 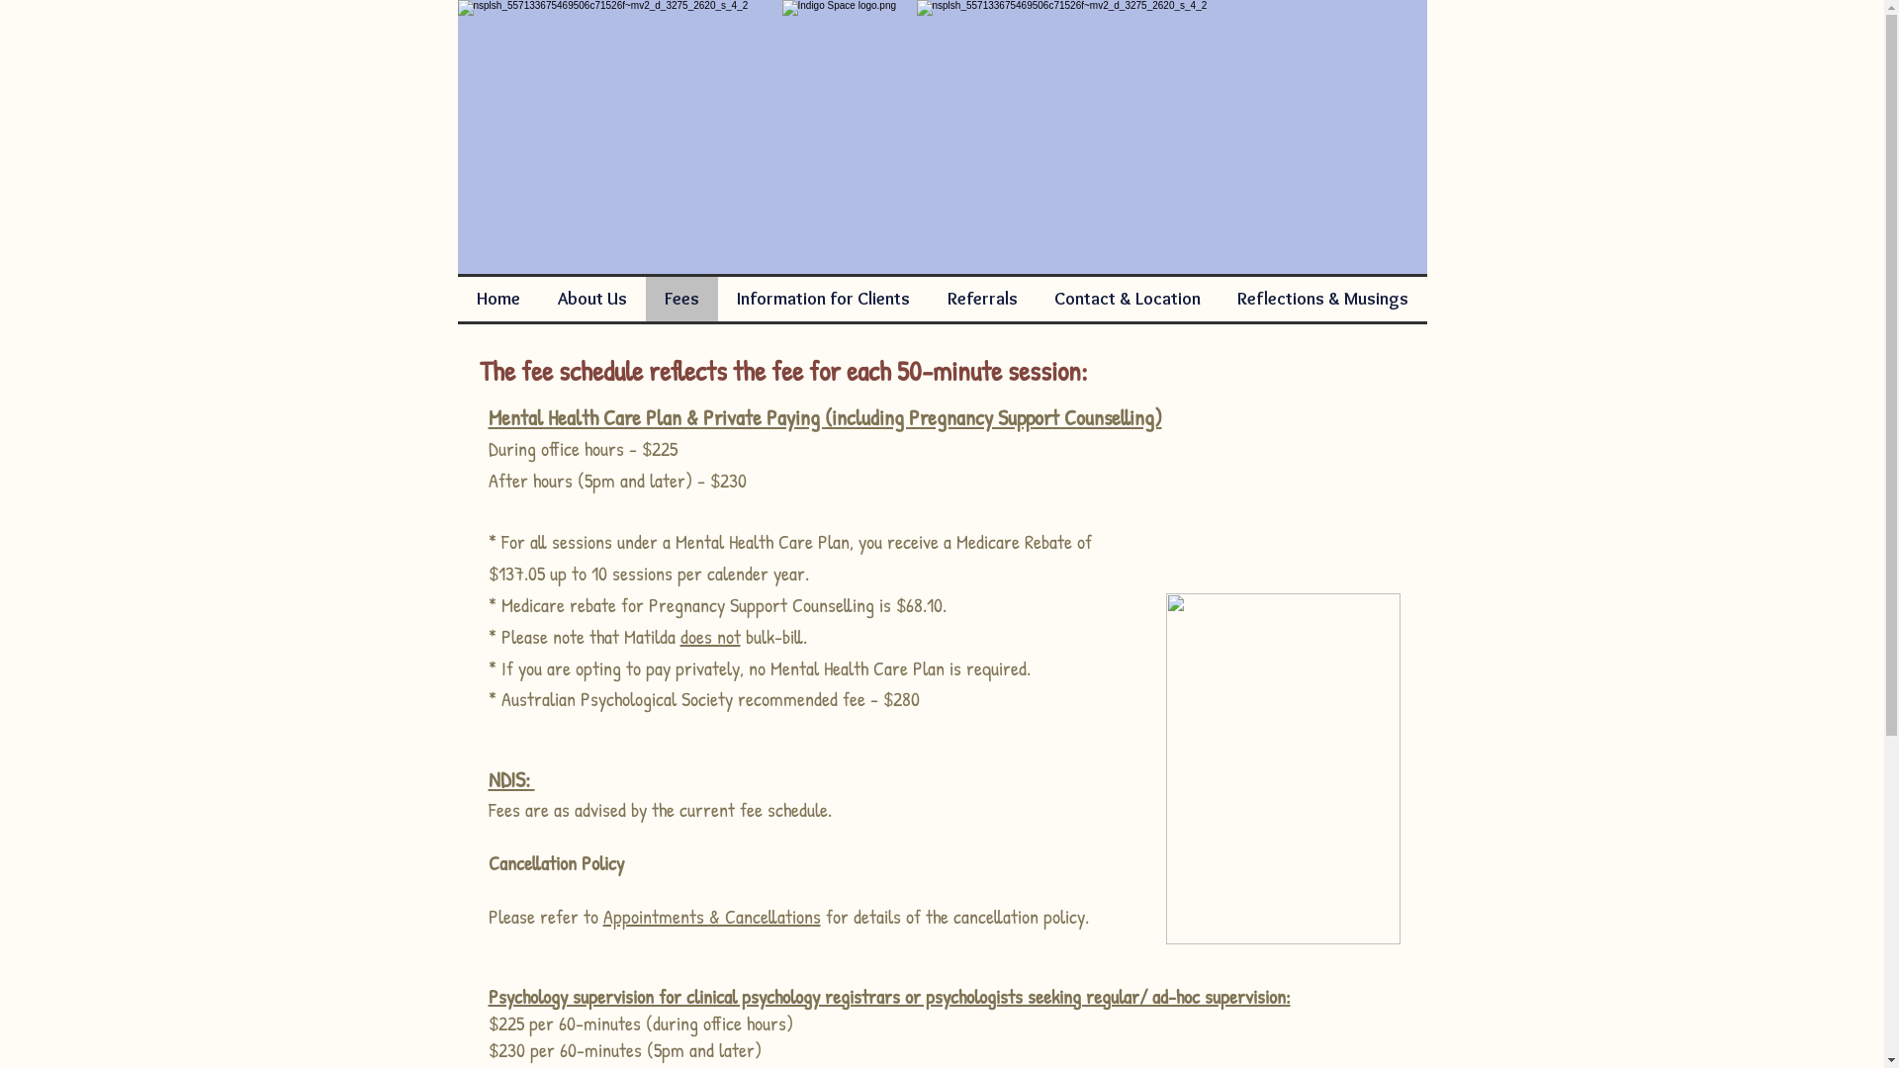 I want to click on 'Appointments & Cancellations', so click(x=712, y=916).